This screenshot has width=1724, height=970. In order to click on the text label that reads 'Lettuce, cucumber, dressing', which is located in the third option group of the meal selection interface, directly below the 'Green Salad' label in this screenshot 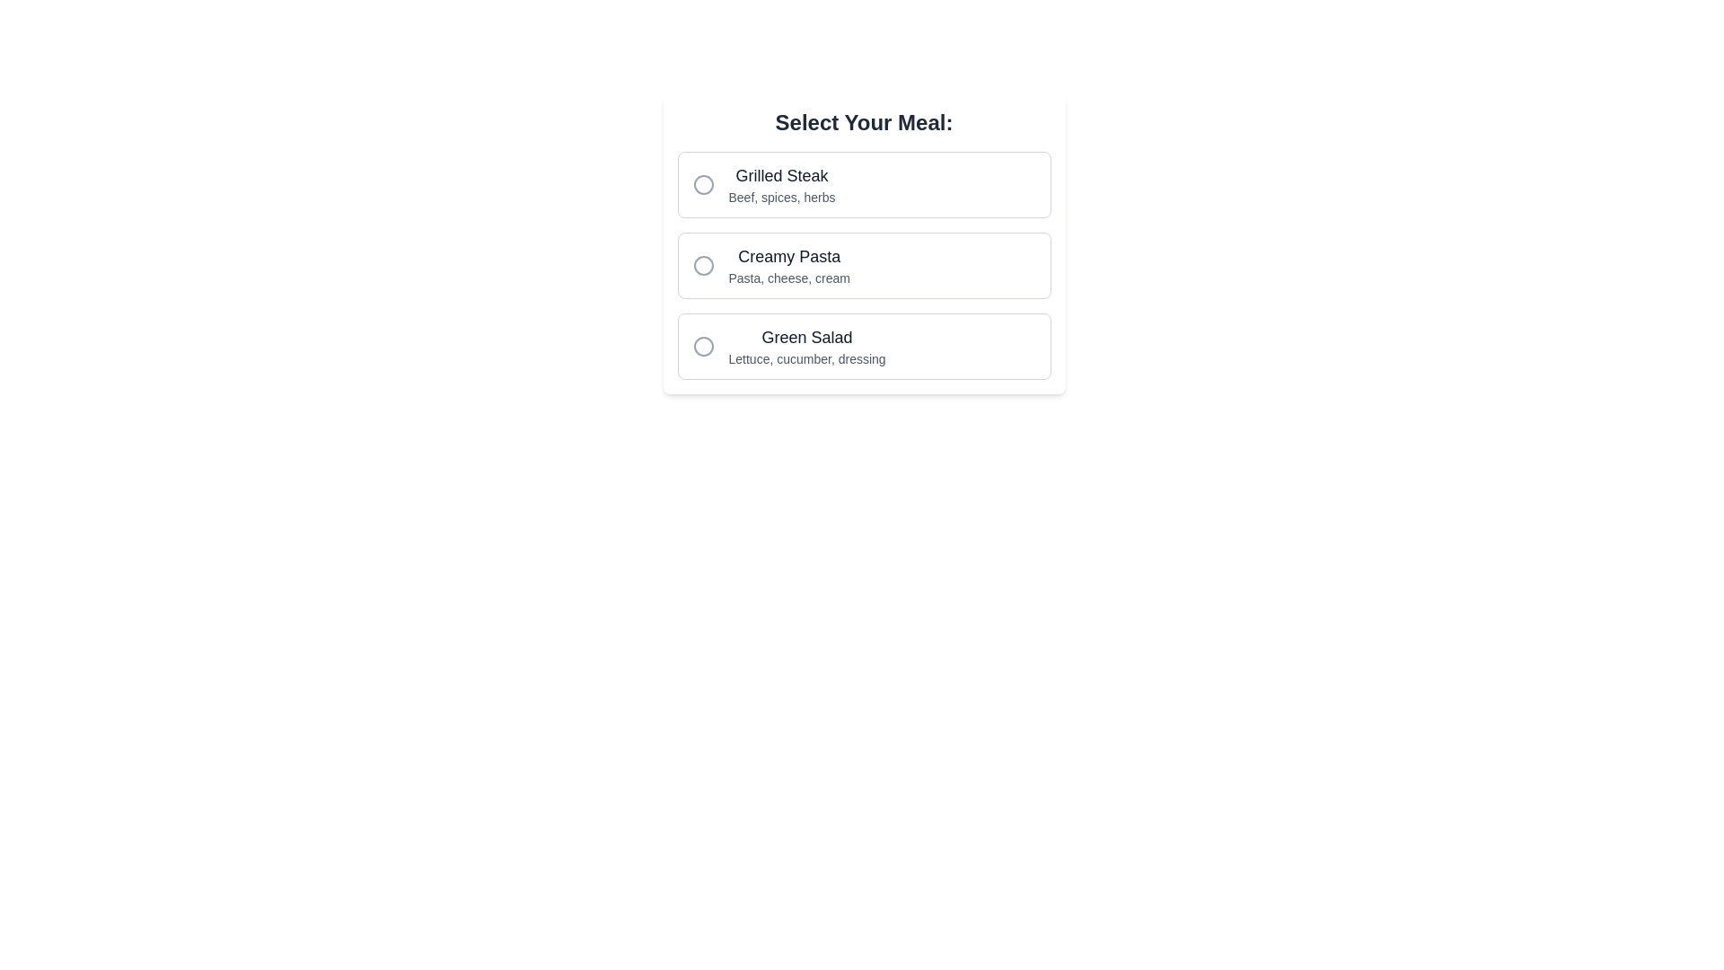, I will do `click(806, 359)`.